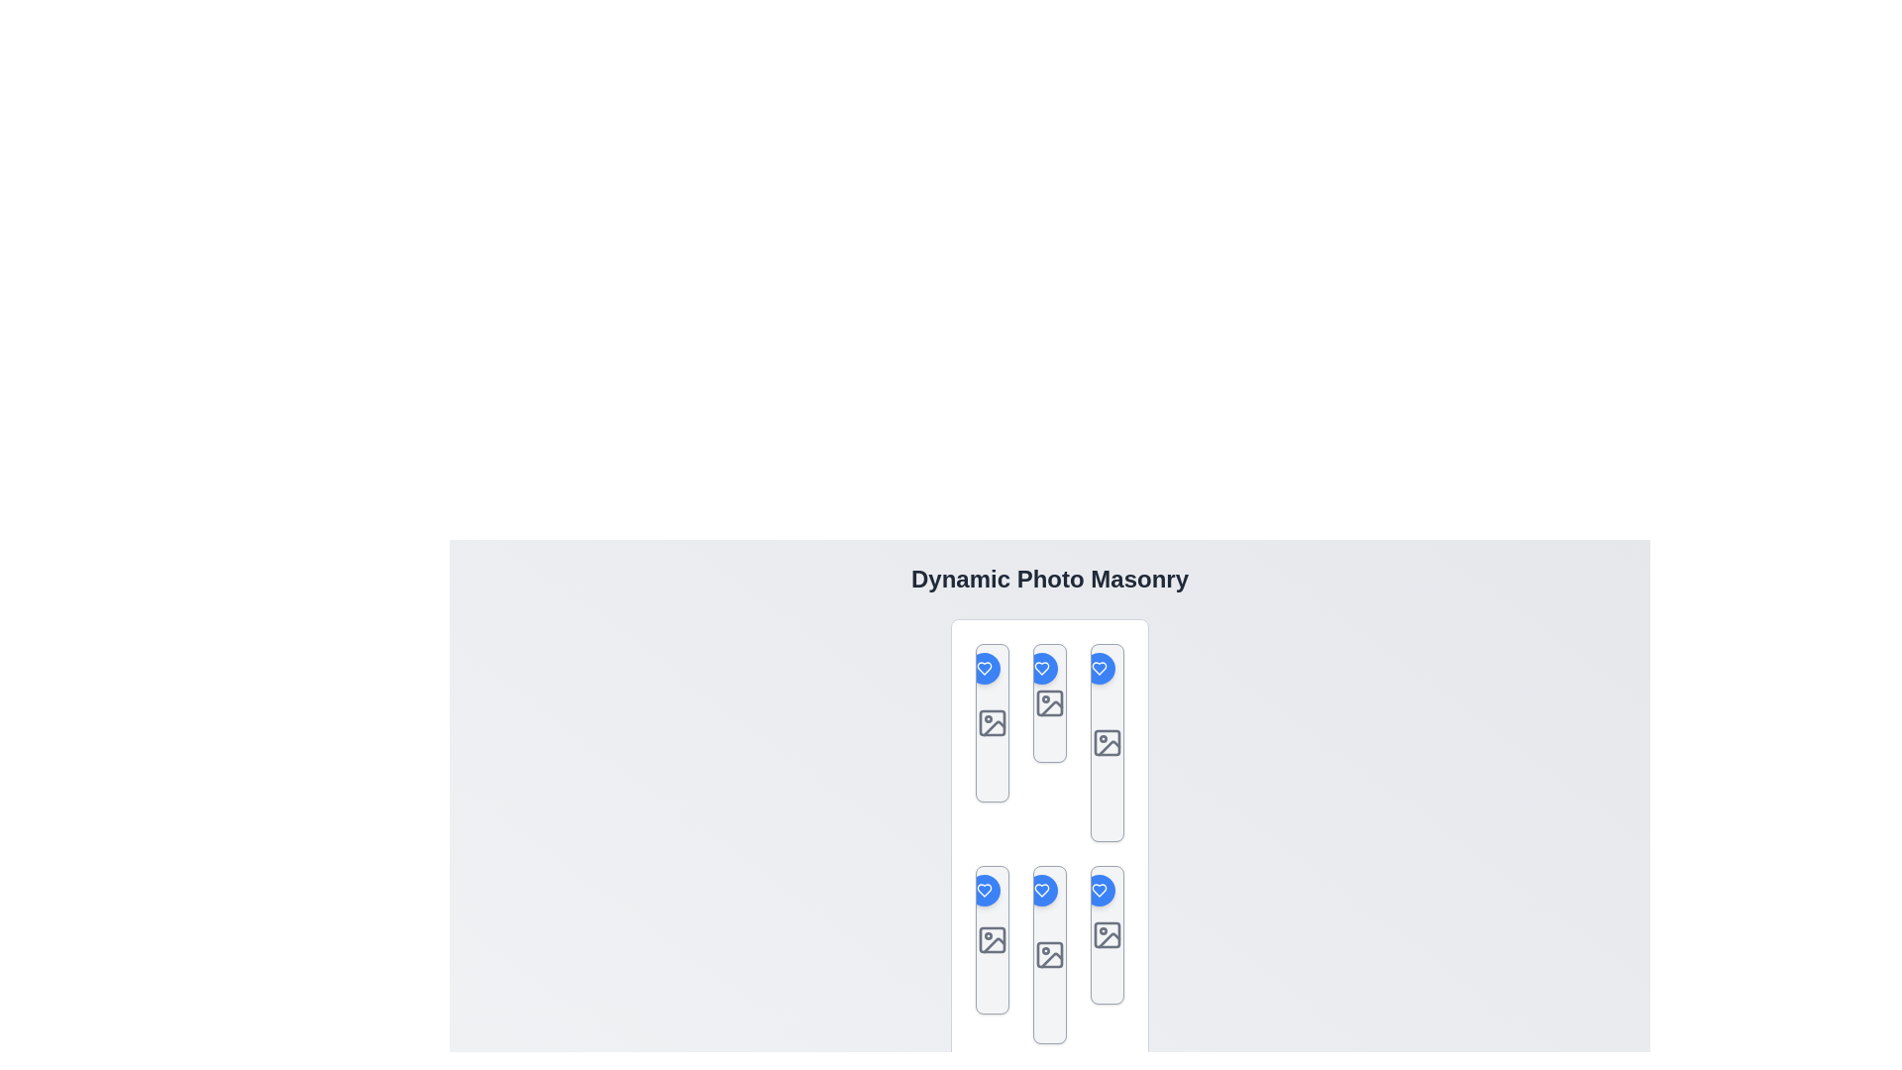 This screenshot has height=1070, width=1902. What do you see at coordinates (984, 889) in the screenshot?
I see `the heart-shaped SVG icon located in the top-right corner of the card` at bounding box center [984, 889].